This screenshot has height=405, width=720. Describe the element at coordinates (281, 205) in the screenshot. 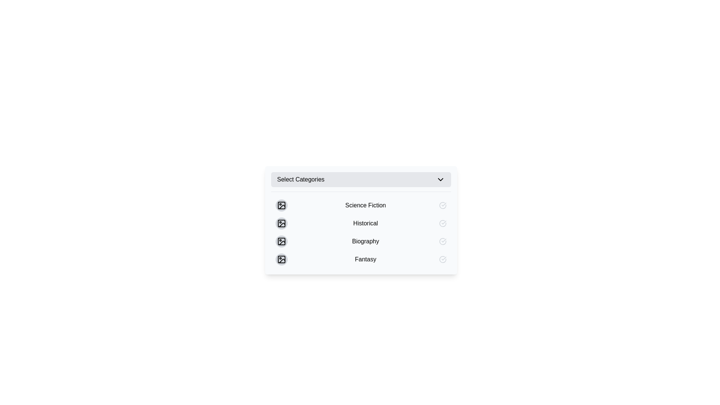

I see `the SVG icon representing the 'Science Fiction' category, which is located in the first row of the list box under the 'Select Categories' title` at that location.